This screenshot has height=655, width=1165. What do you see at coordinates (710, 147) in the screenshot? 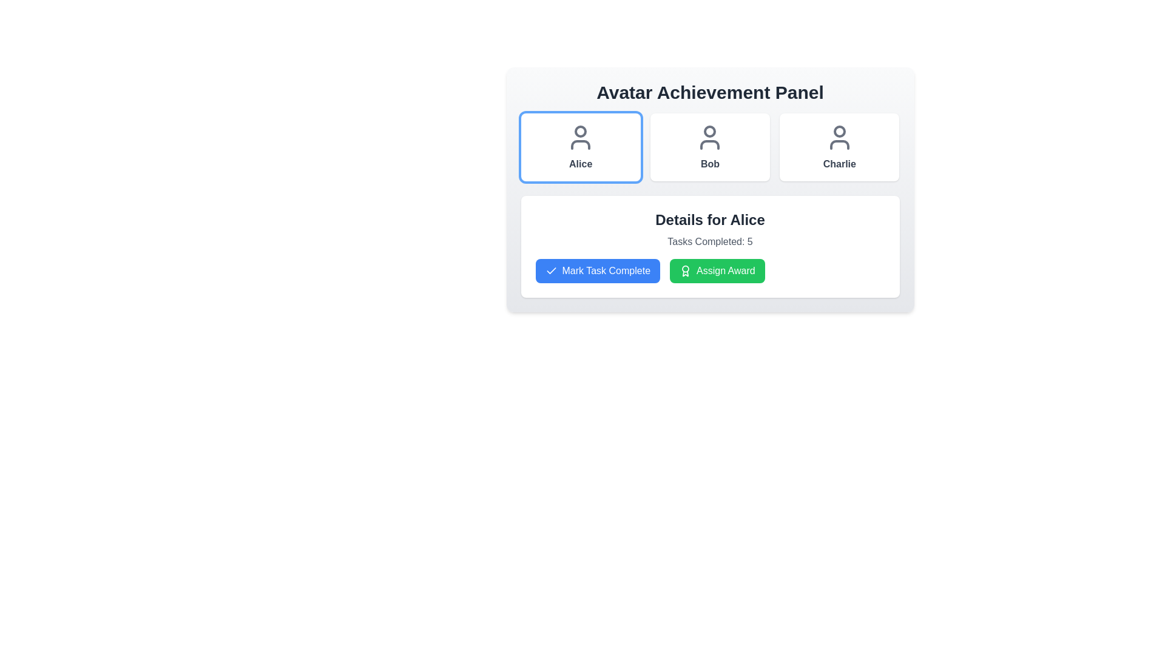
I see `the Profile card displaying 'Bob' in bold, dark gray font, which is the second card in a grid layout under the 'Avatar Achievement Panel'` at bounding box center [710, 147].